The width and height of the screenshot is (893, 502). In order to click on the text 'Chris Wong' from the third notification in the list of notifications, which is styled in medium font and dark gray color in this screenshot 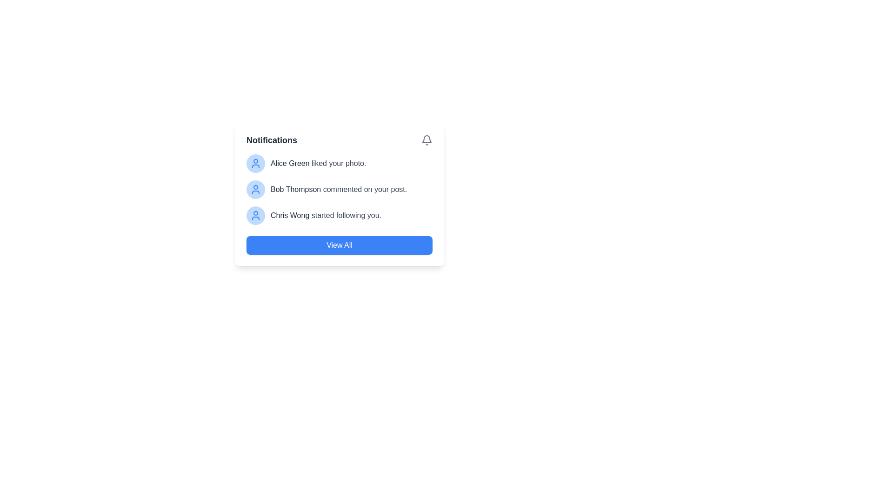, I will do `click(289, 215)`.